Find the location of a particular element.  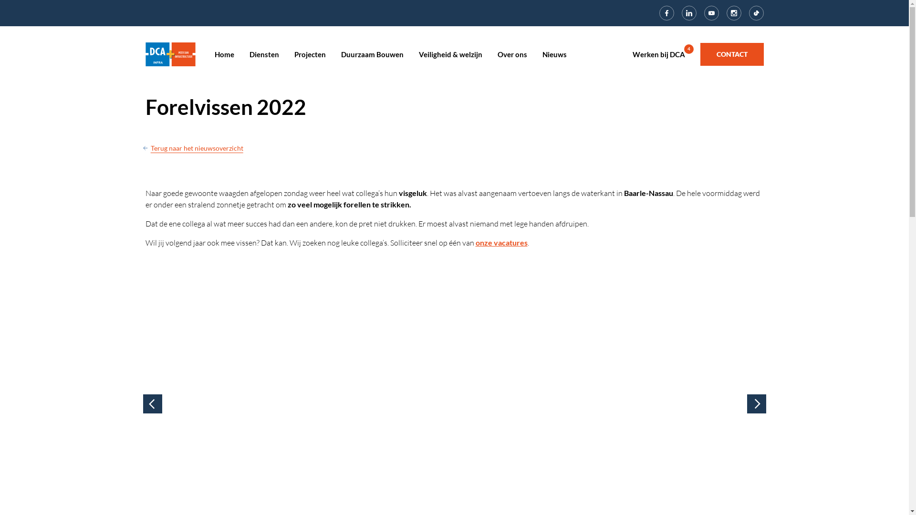

'Nieuws' is located at coordinates (554, 54).